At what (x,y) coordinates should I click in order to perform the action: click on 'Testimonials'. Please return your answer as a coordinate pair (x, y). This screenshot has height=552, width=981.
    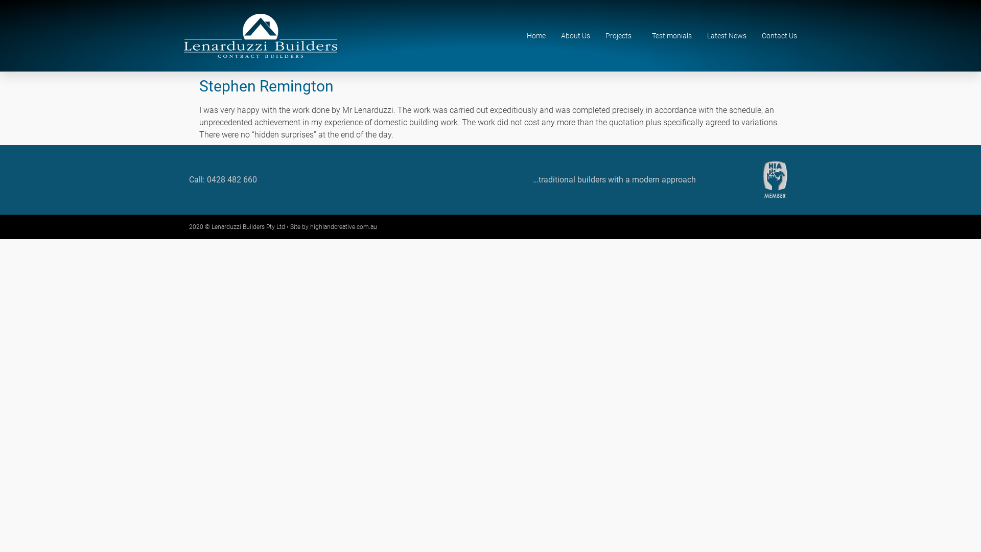
    Looking at the image, I should click on (651, 35).